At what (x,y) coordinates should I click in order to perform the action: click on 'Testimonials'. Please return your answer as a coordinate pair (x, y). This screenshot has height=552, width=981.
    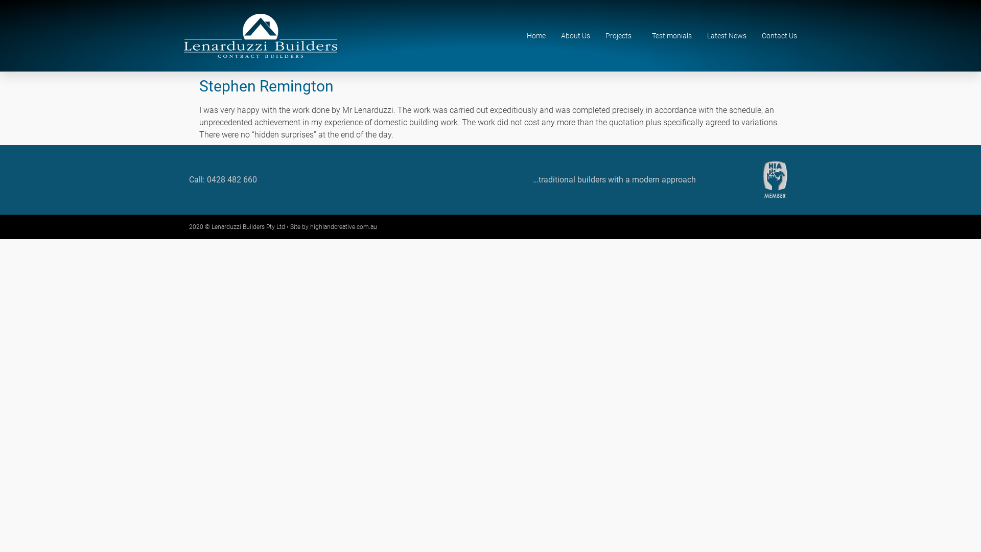
    Looking at the image, I should click on (651, 35).